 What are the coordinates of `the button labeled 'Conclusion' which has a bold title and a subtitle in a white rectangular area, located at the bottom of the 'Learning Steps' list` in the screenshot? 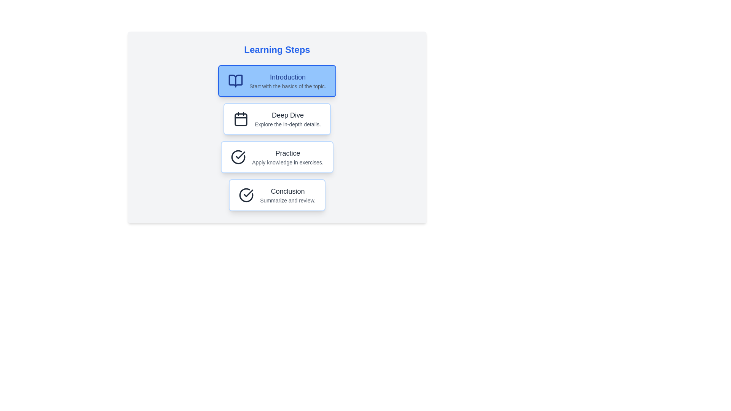 It's located at (287, 195).